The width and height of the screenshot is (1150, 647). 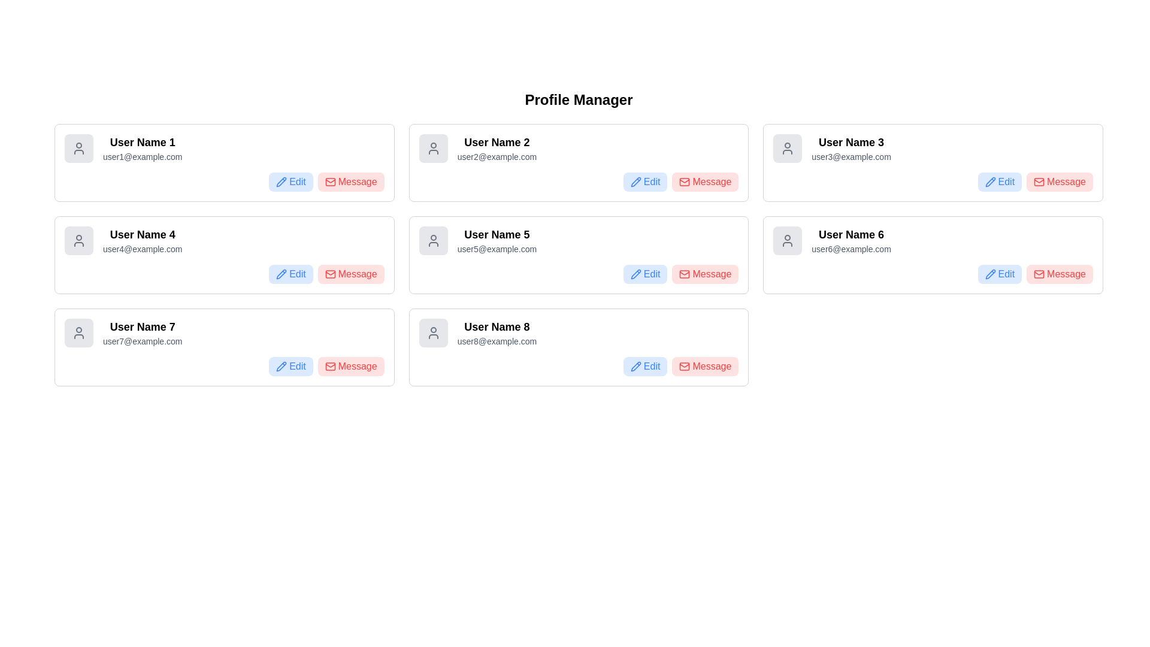 What do you see at coordinates (684, 182) in the screenshot?
I see `small red envelope icon located inside the 'Message' button for User Name 2 in the Profile Manager interface, which is positioned in the first row and second column of the second card in the grid layout` at bounding box center [684, 182].